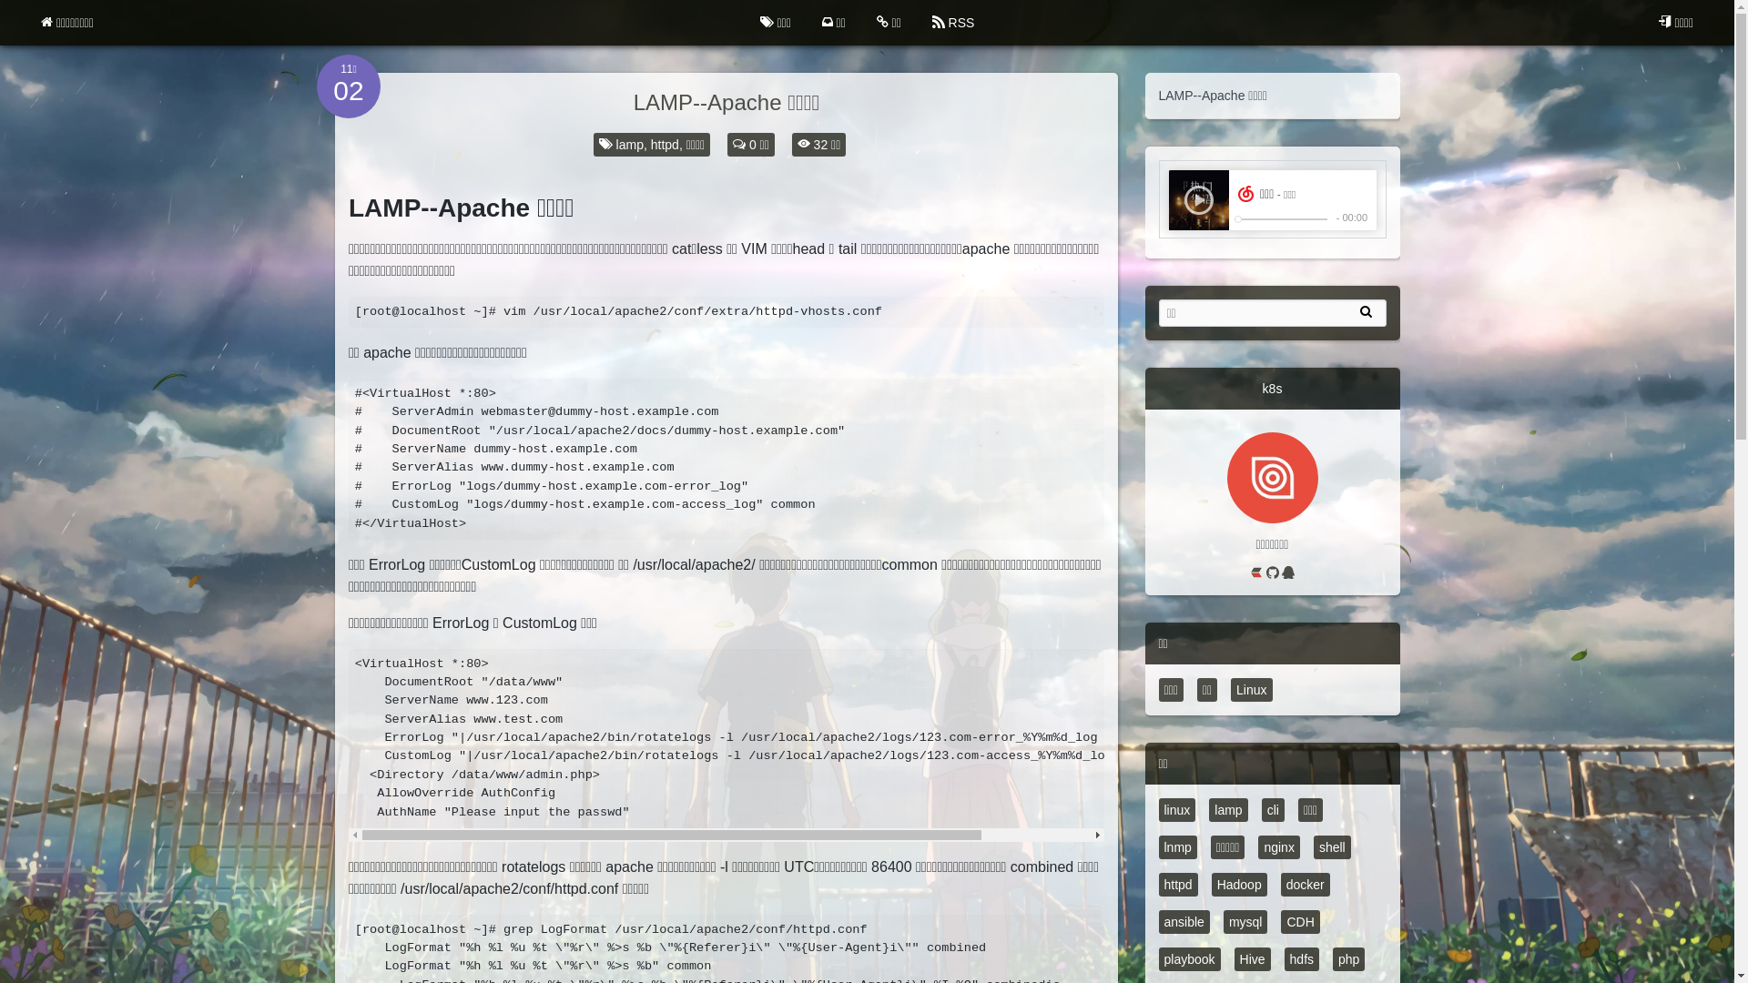  Describe the element at coordinates (1277, 846) in the screenshot. I see `'nginx'` at that location.